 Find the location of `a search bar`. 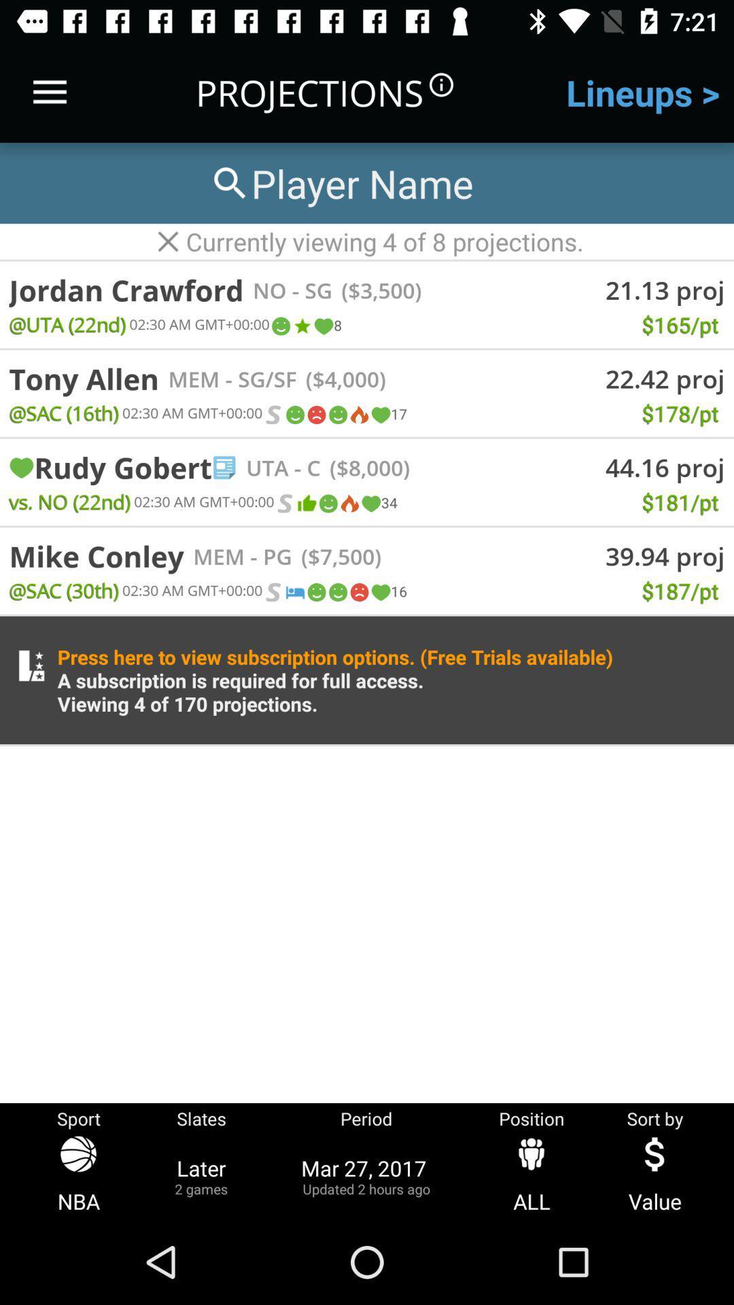

a search bar is located at coordinates (340, 182).